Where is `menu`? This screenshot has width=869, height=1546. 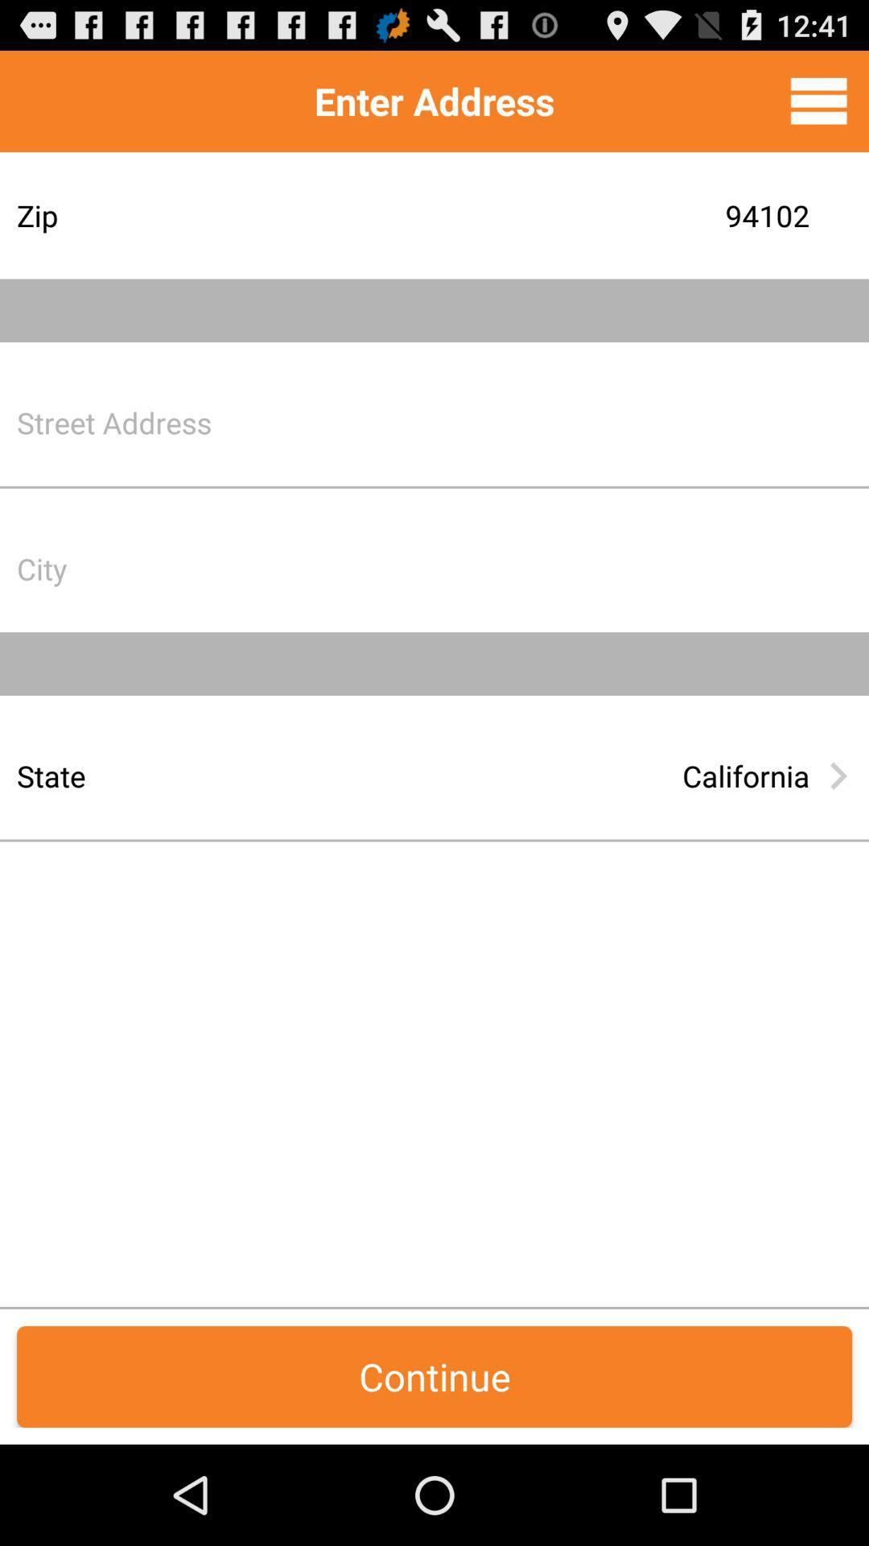
menu is located at coordinates (818, 100).